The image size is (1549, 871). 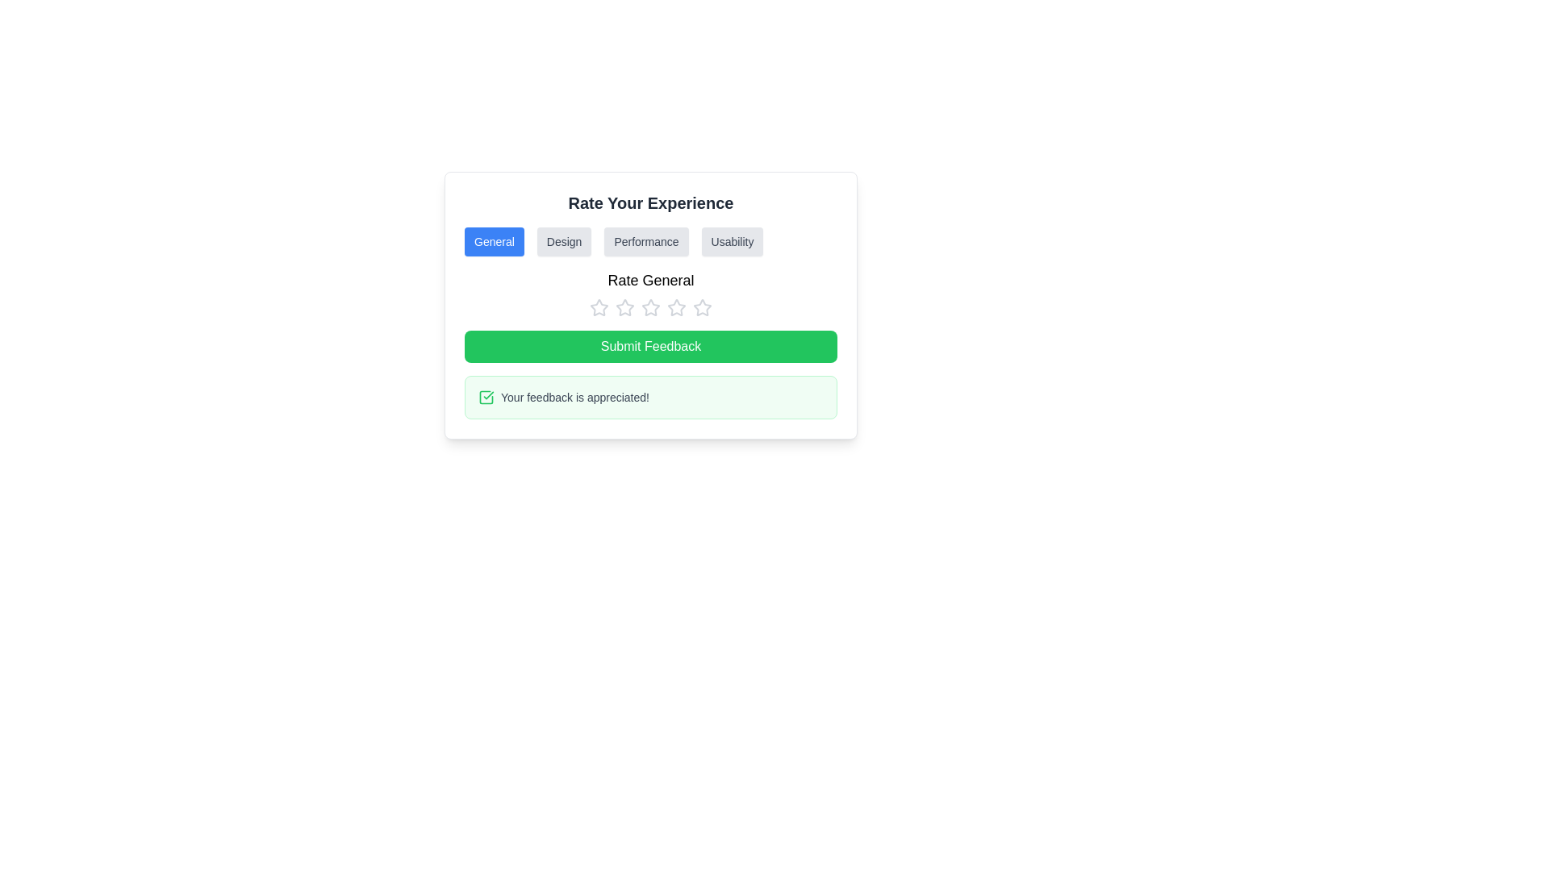 I want to click on the first star icon in the rating section to rate, which is styled in gray and positioned under the 'Rate General' label, so click(x=599, y=307).